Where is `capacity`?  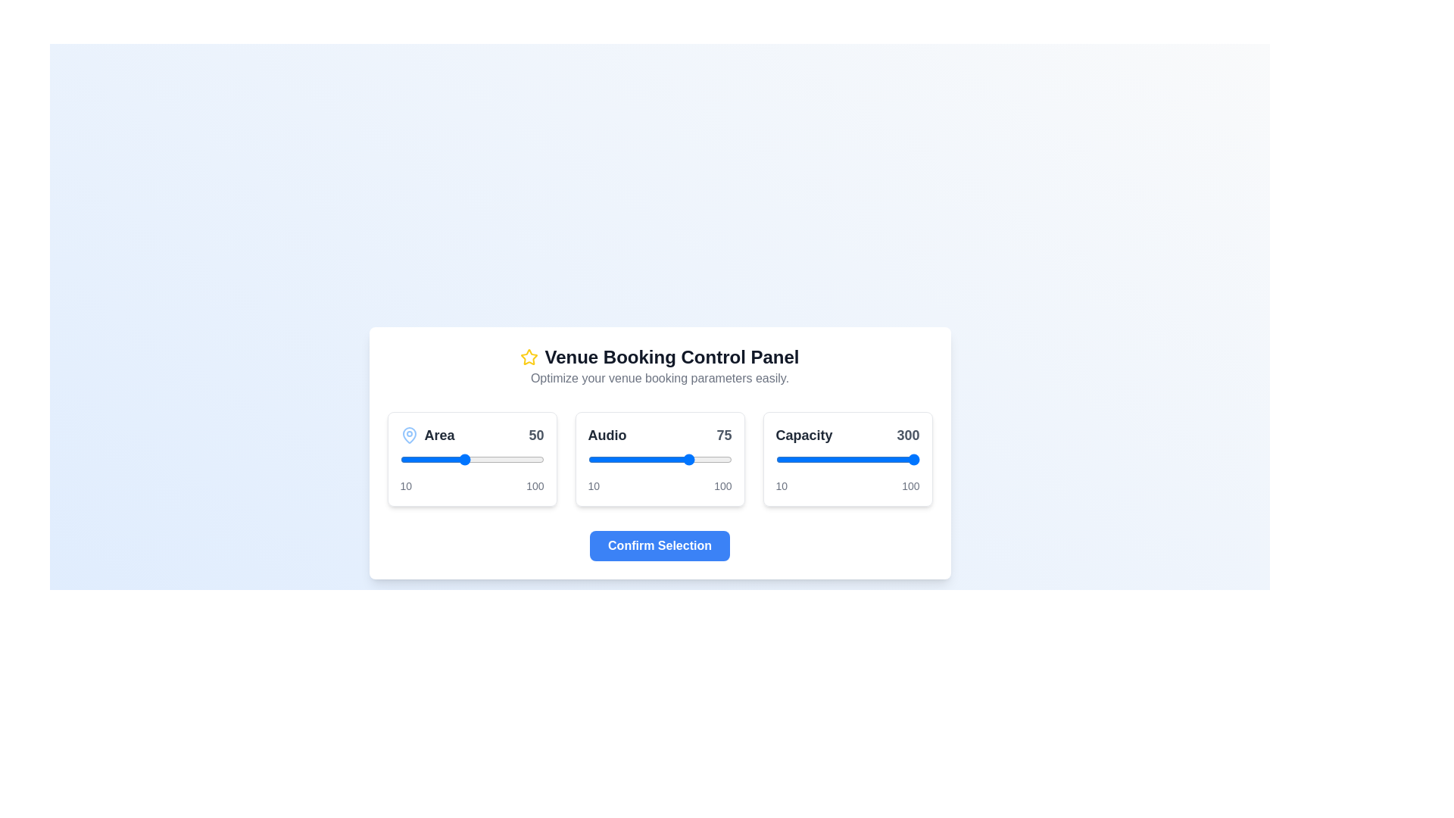 capacity is located at coordinates (821, 458).